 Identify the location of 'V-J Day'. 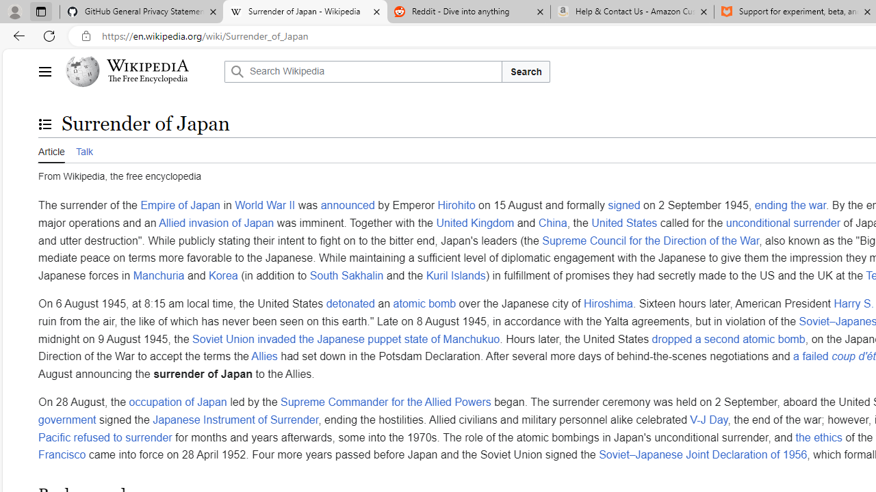
(709, 418).